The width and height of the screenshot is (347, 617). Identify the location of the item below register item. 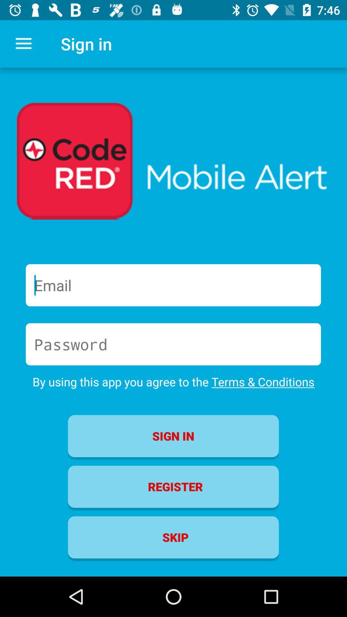
(173, 537).